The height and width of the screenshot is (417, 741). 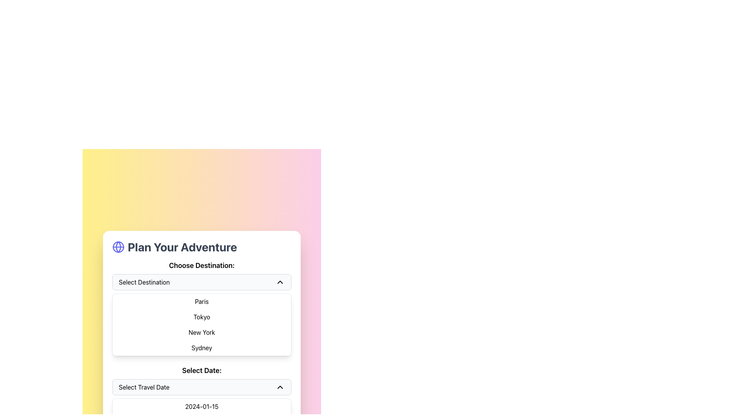 What do you see at coordinates (202, 348) in the screenshot?
I see `the list item labeled 'Sydney', which is the fourth item in the dropdown under 'Choose Destination'` at bounding box center [202, 348].